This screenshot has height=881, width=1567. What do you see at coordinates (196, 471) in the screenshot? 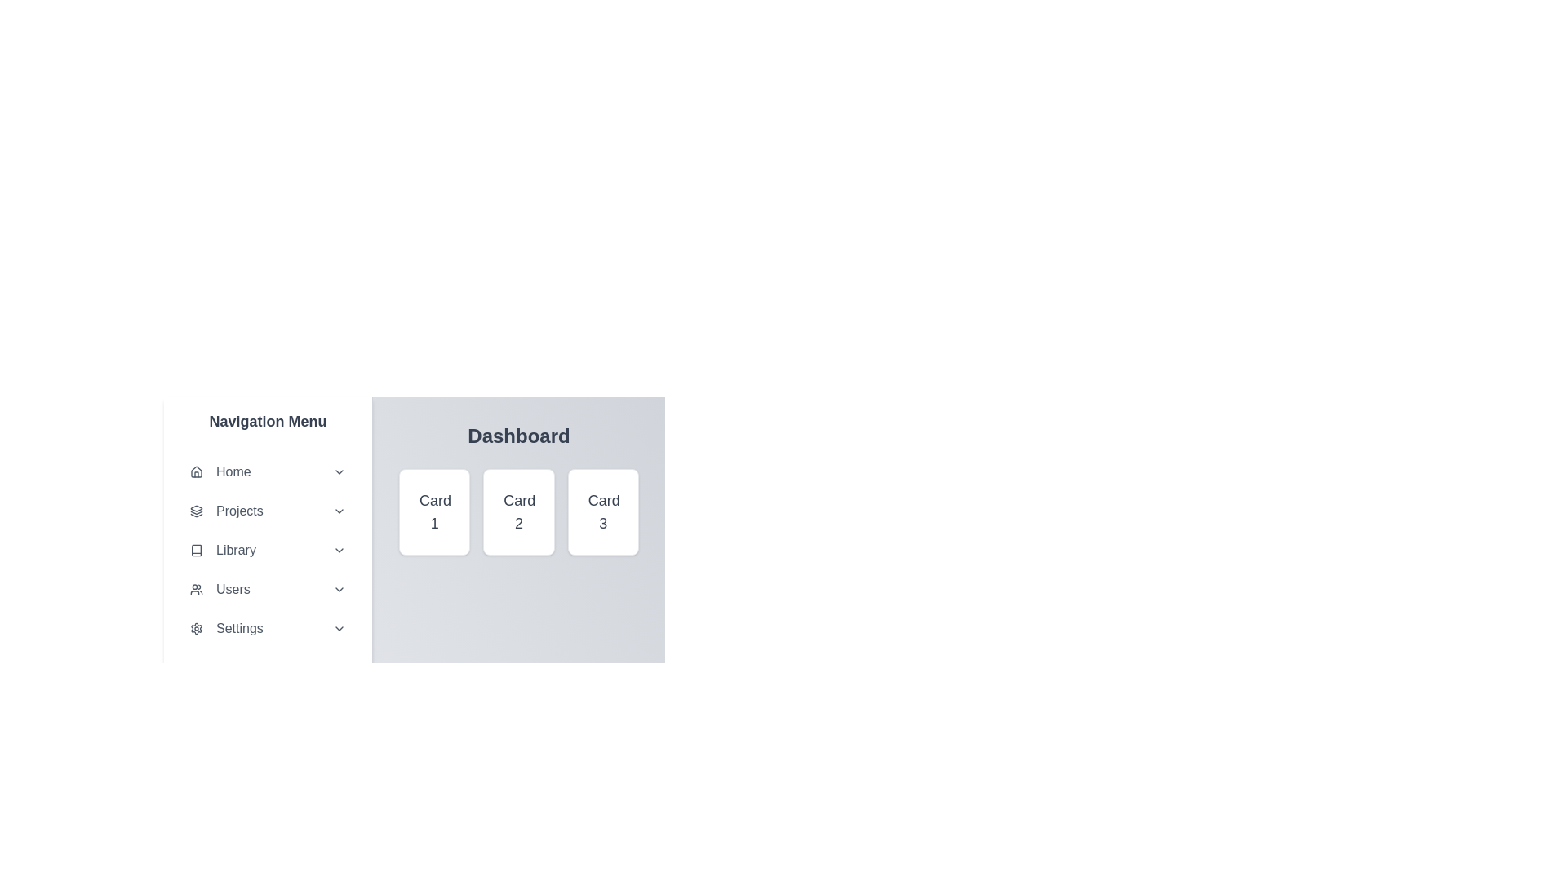
I see `the house icon in the navigation menu on the left side, which serves as an indicator for the 'Home' menu item` at bounding box center [196, 471].